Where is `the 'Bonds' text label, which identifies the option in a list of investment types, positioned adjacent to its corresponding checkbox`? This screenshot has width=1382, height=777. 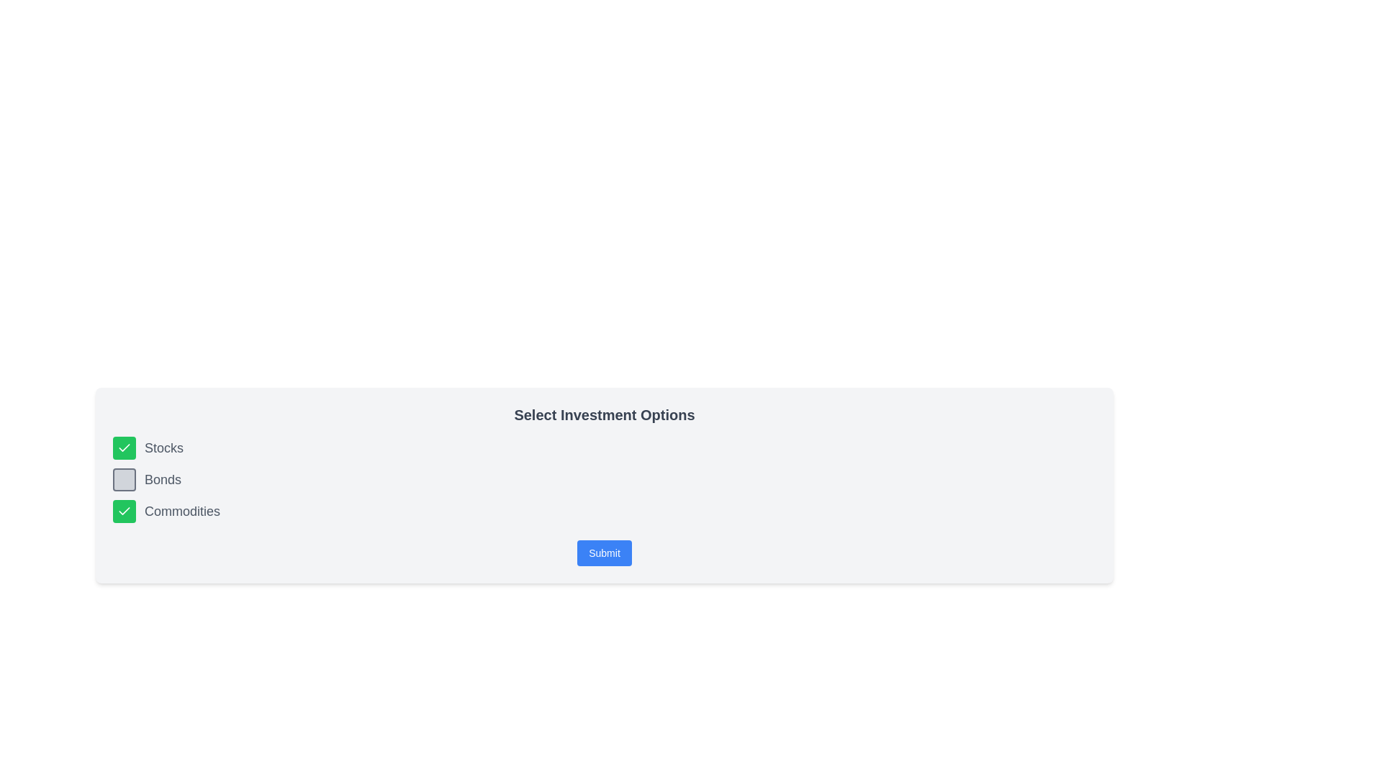 the 'Bonds' text label, which identifies the option in a list of investment types, positioned adjacent to its corresponding checkbox is located at coordinates (163, 480).